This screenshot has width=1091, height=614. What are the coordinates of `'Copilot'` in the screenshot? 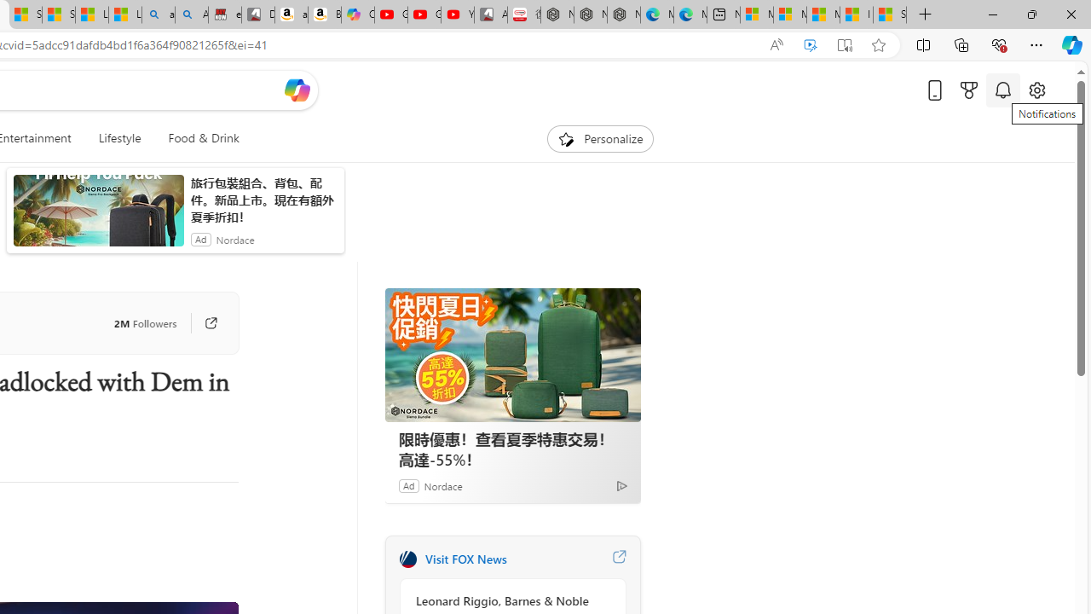 It's located at (356, 14).